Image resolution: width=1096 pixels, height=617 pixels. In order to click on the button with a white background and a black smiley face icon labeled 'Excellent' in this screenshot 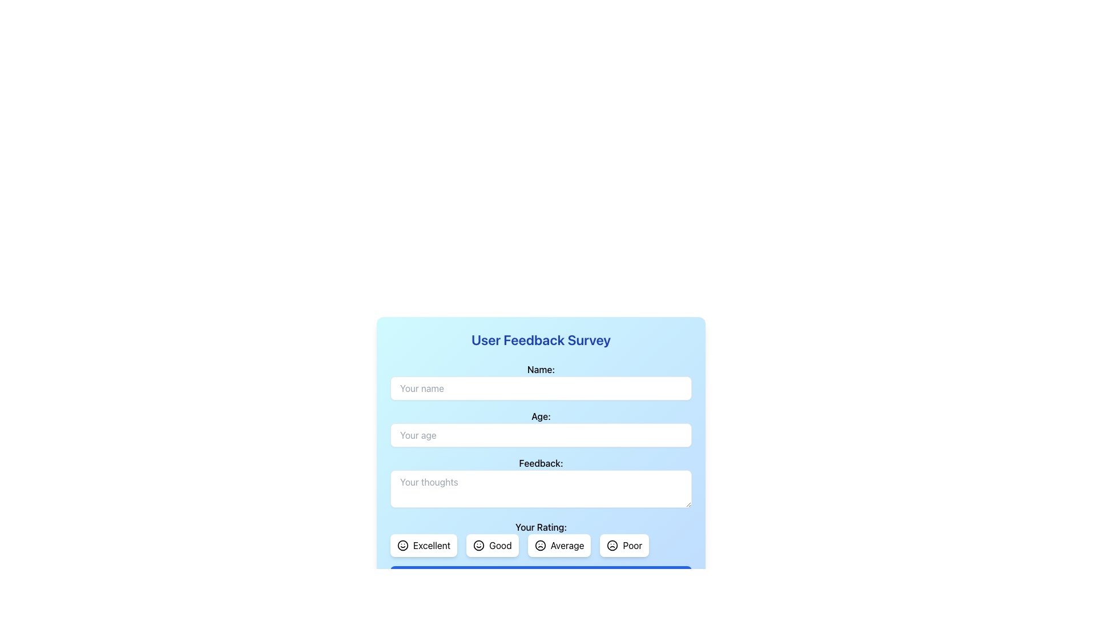, I will do `click(423, 545)`.